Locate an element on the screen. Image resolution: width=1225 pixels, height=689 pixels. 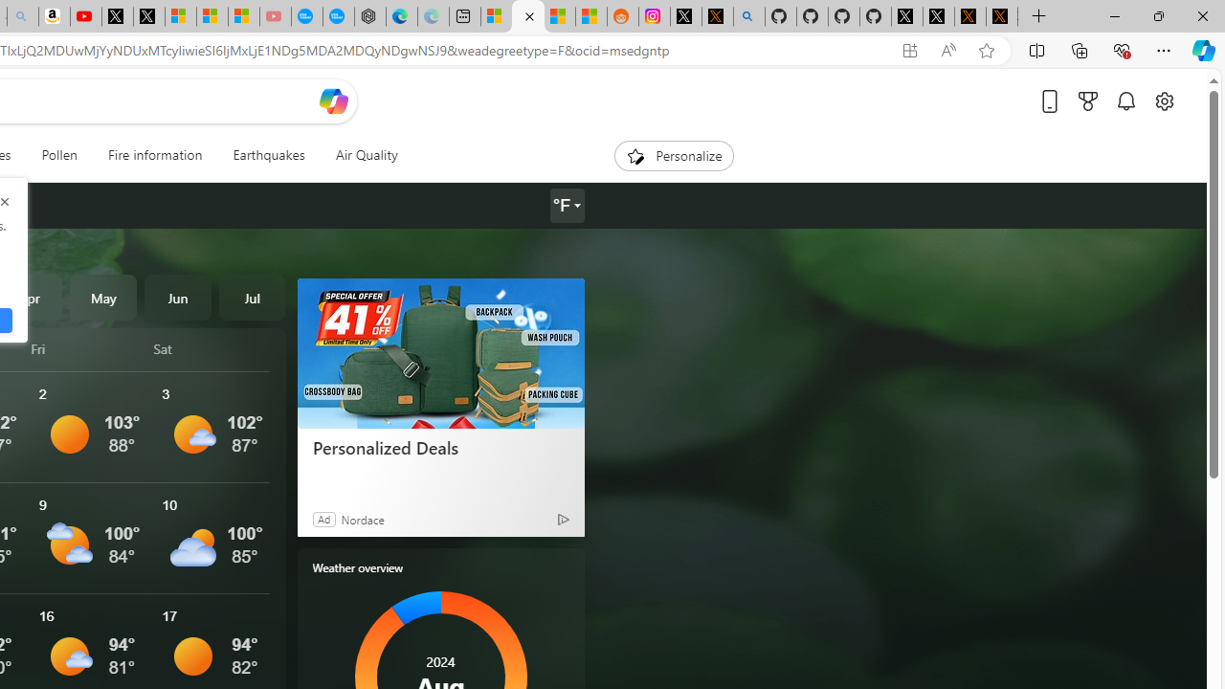
'Microsoft account | Microsoft Account Privacy Settings' is located at coordinates (497, 16).